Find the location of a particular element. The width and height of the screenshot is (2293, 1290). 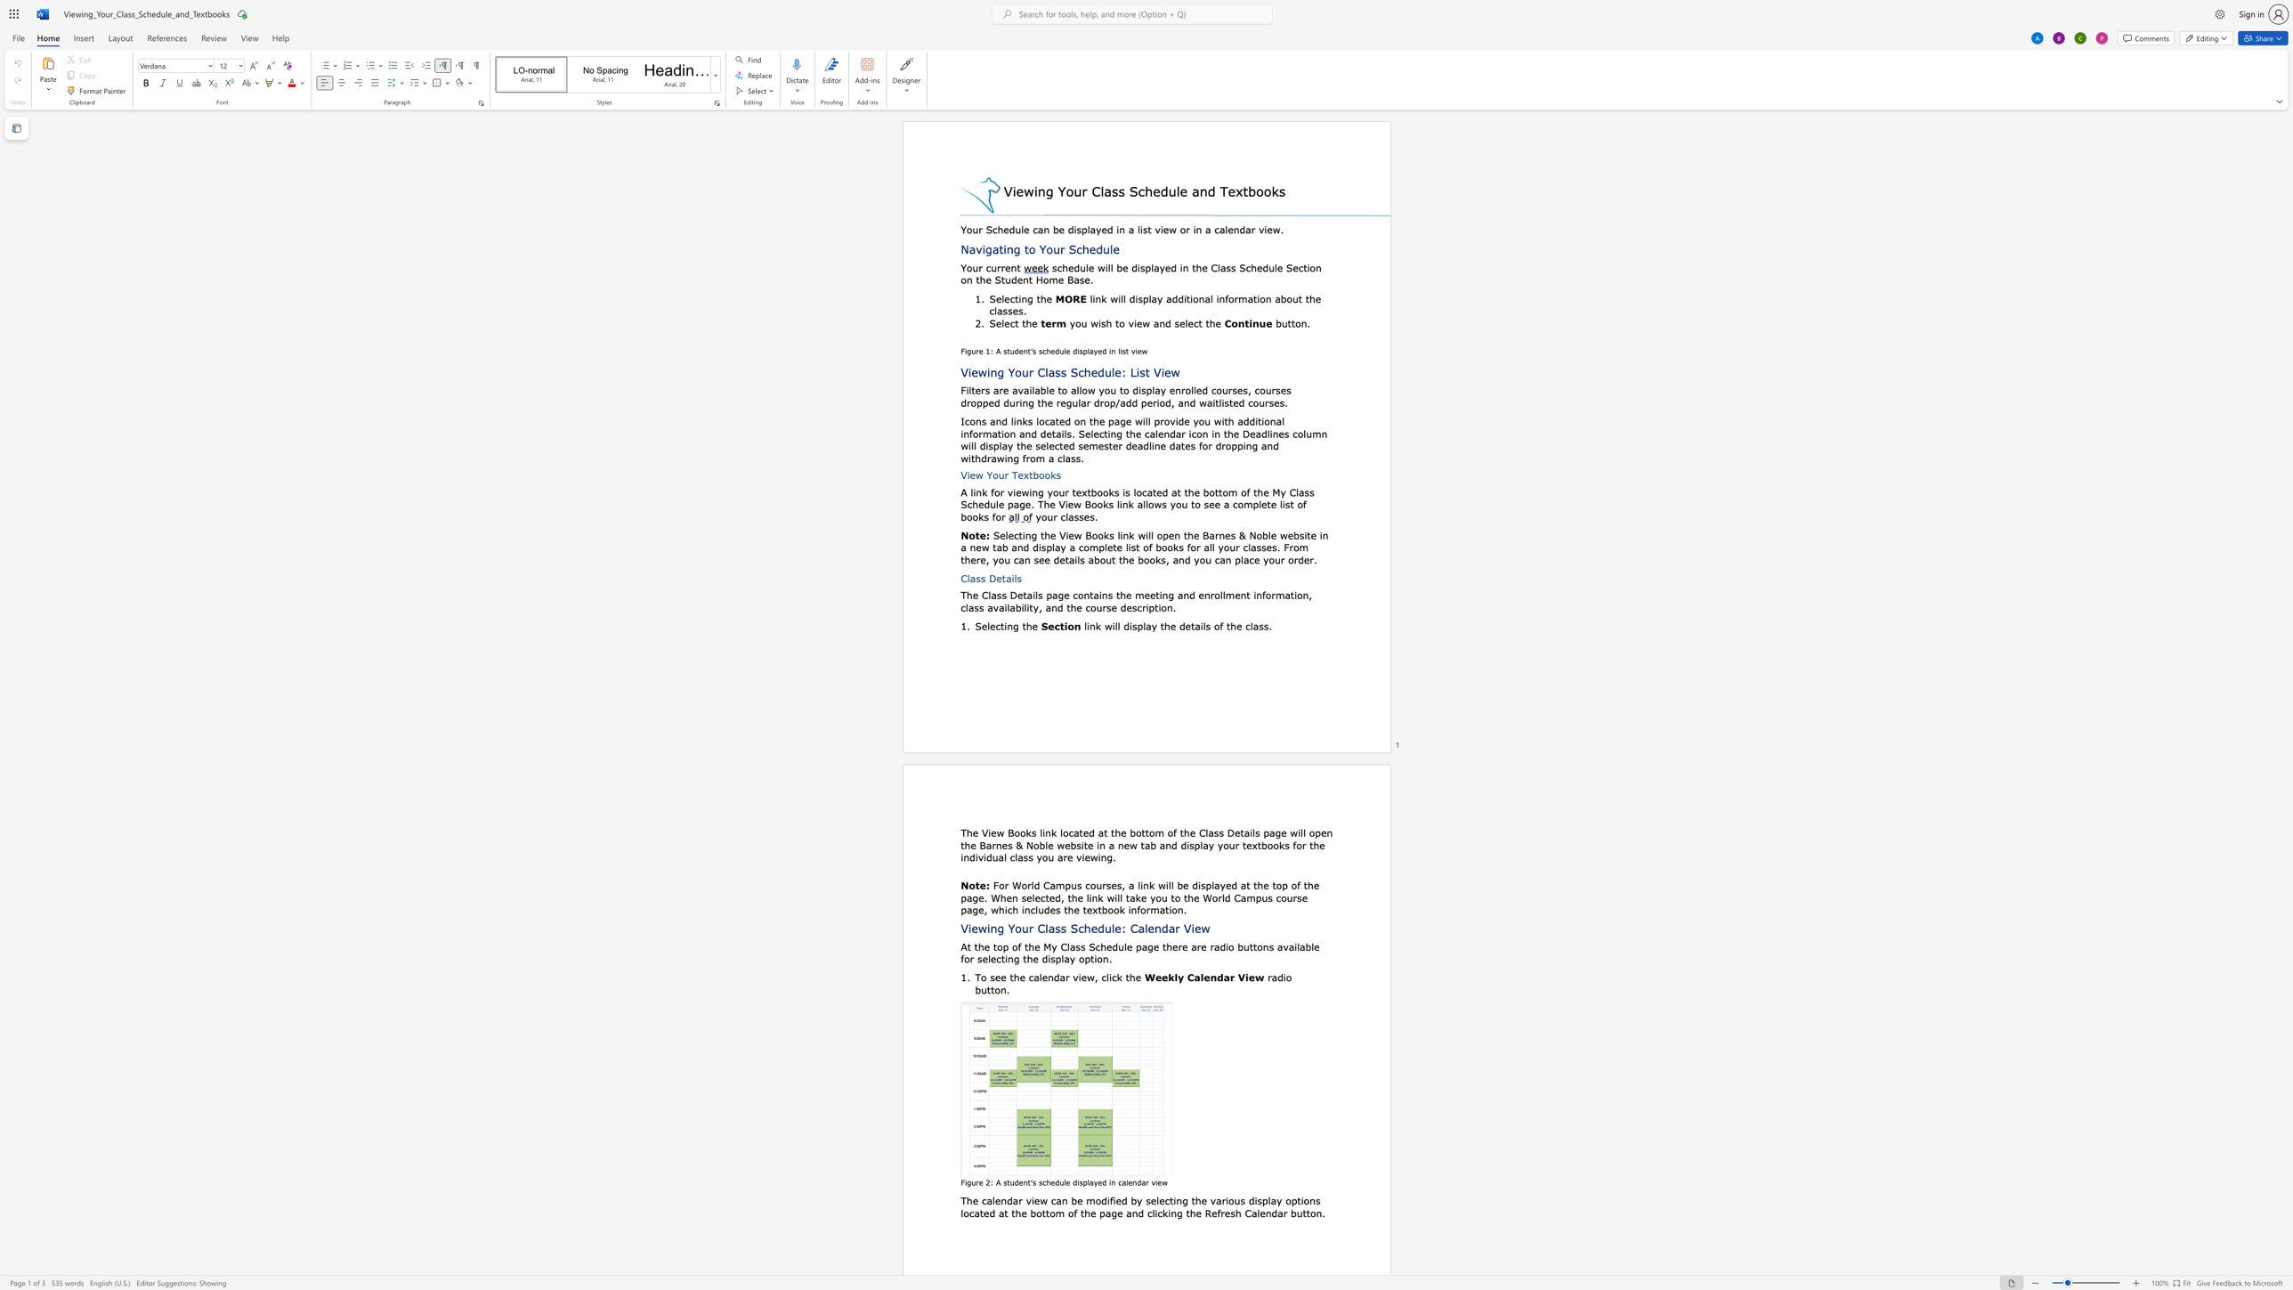

the 2th character "t" in the text is located at coordinates (1037, 298).